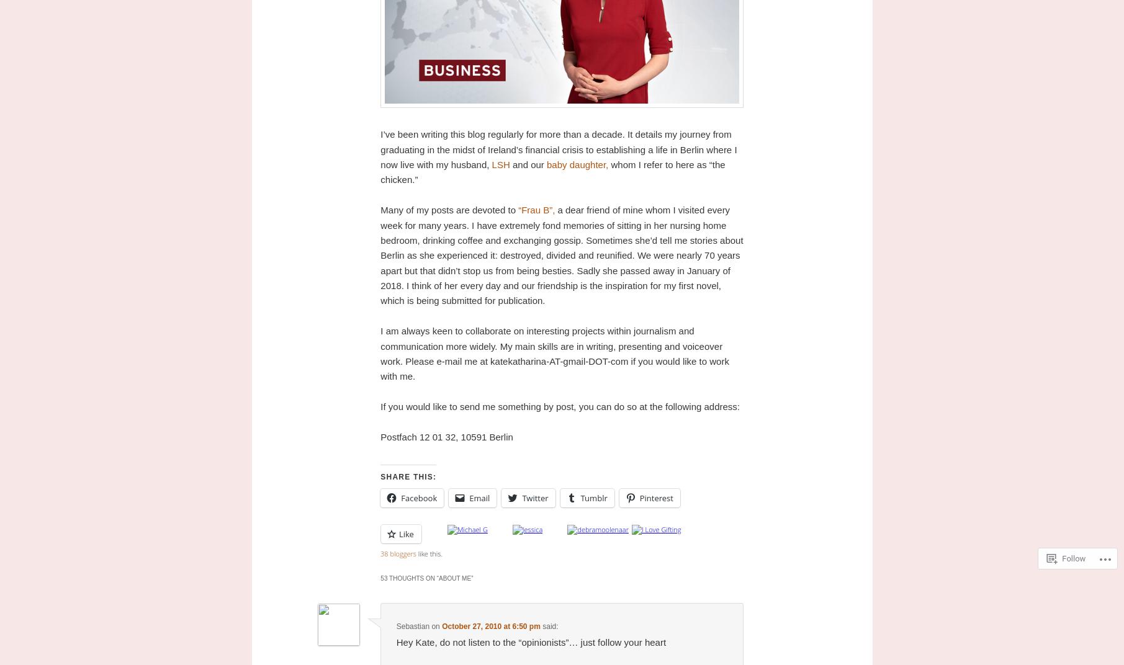 Image resolution: width=1124 pixels, height=665 pixels. I want to click on 'on', so click(435, 627).